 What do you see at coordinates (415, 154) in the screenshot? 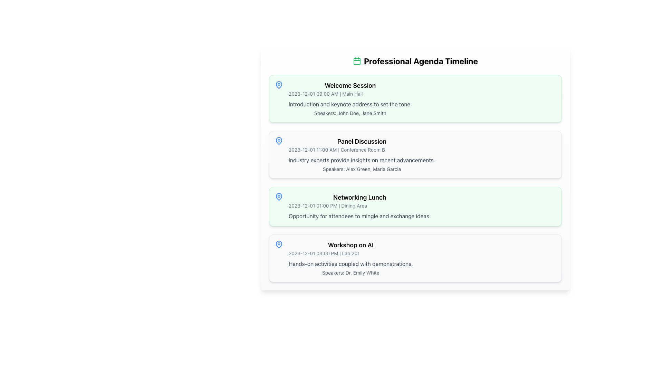
I see `details within the Informational Card for the 'Panel Discussion' event, which is the second card in the agenda list, located below the 'Welcome Session' and above the 'Networking Lunch'` at bounding box center [415, 154].